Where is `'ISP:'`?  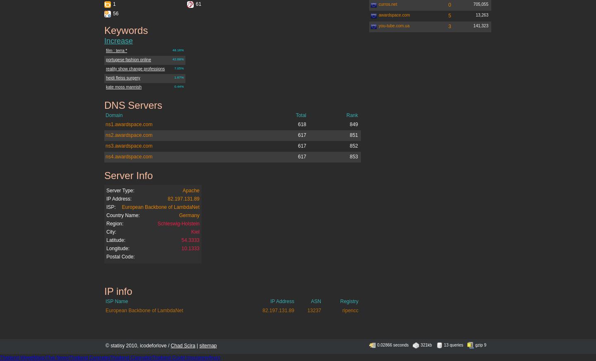 'ISP:' is located at coordinates (110, 207).